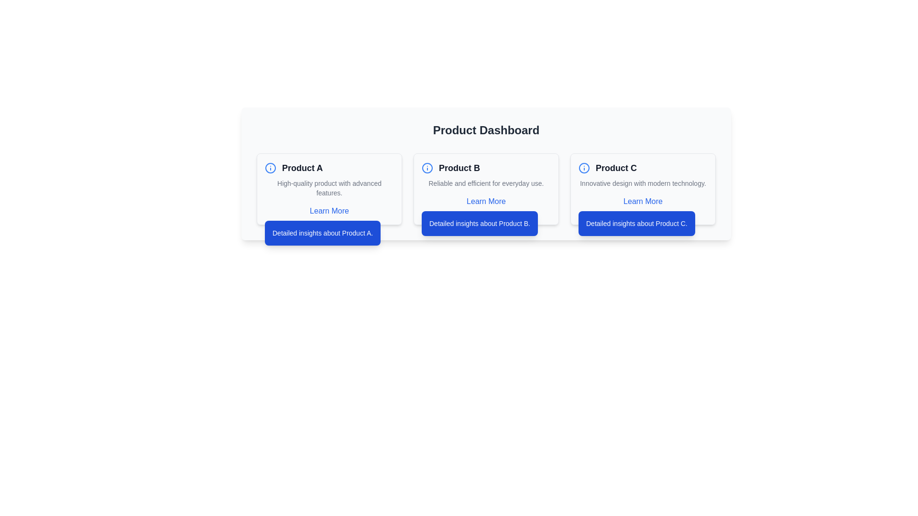 Image resolution: width=918 pixels, height=516 pixels. I want to click on the 'Learn More' link on the Information card for 'Product B', which is the second card in a set of three cards arranged horizontally, so click(486, 189).